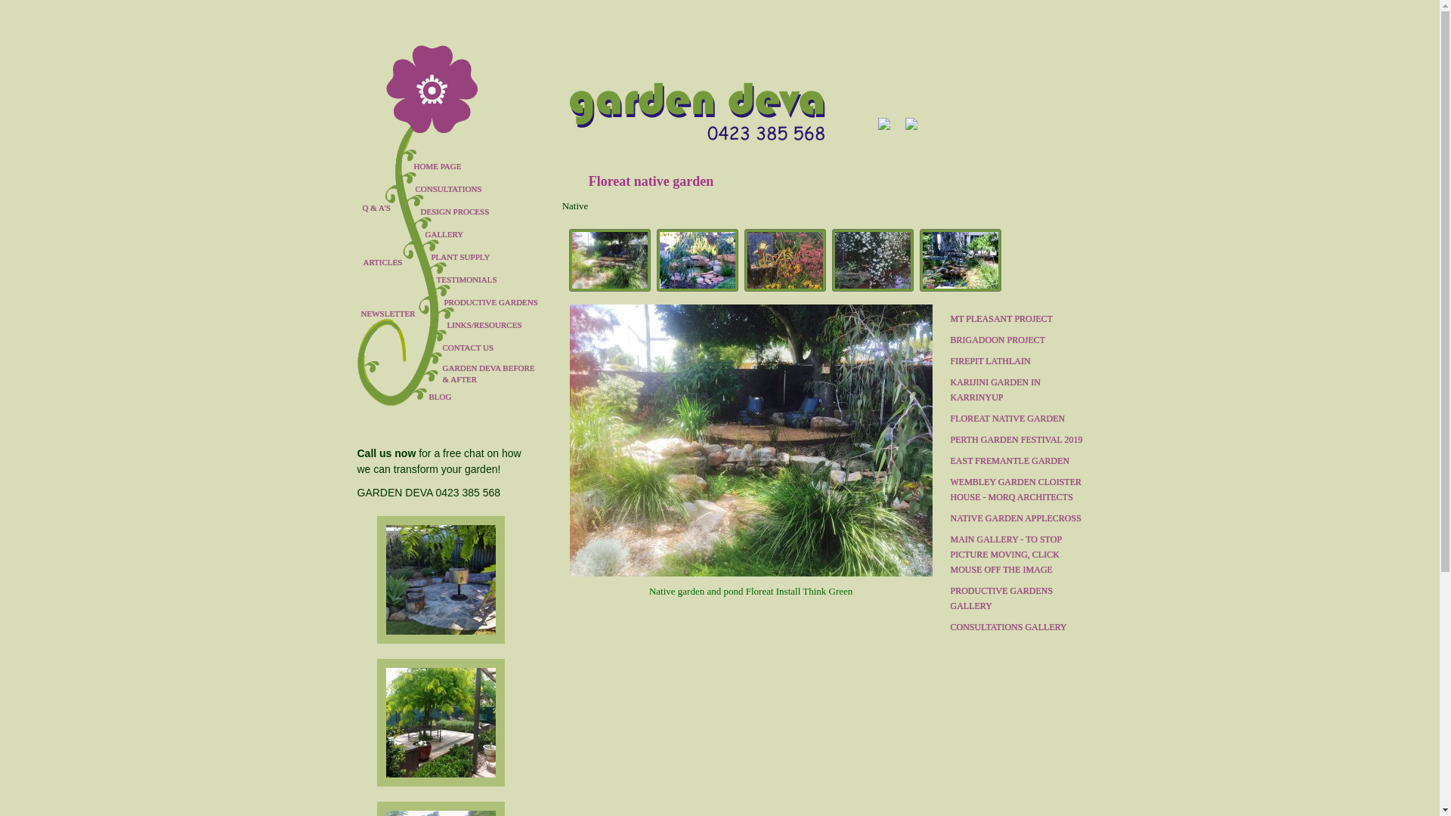 The image size is (1451, 816). I want to click on 'PRODUCTIVE GARDENS GALLERY', so click(1016, 597).